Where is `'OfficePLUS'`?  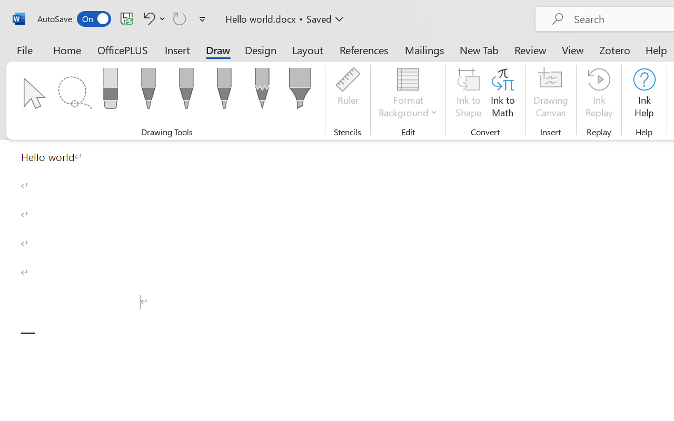
'OfficePLUS' is located at coordinates (123, 49).